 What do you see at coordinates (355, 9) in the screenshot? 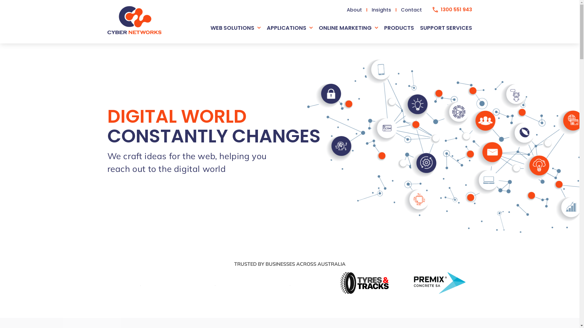
I see `'About'` at bounding box center [355, 9].